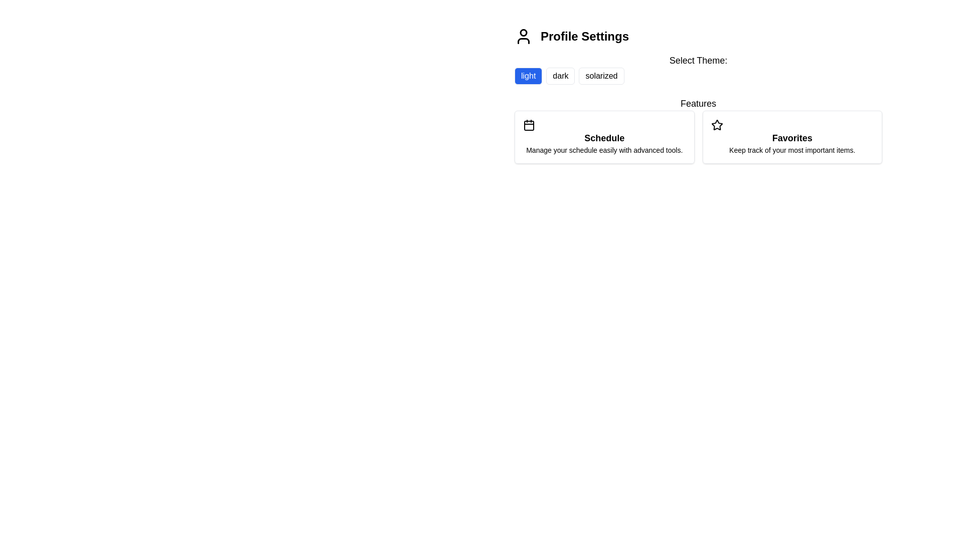 This screenshot has height=541, width=963. What do you see at coordinates (523, 32) in the screenshot?
I see `the circular user profile icon located above the 'Profile Settings' label` at bounding box center [523, 32].